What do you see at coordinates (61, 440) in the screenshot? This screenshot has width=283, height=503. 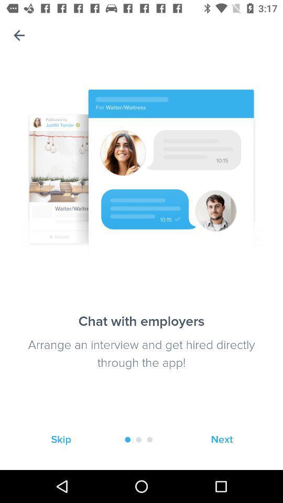 I see `item at the bottom left corner` at bounding box center [61, 440].